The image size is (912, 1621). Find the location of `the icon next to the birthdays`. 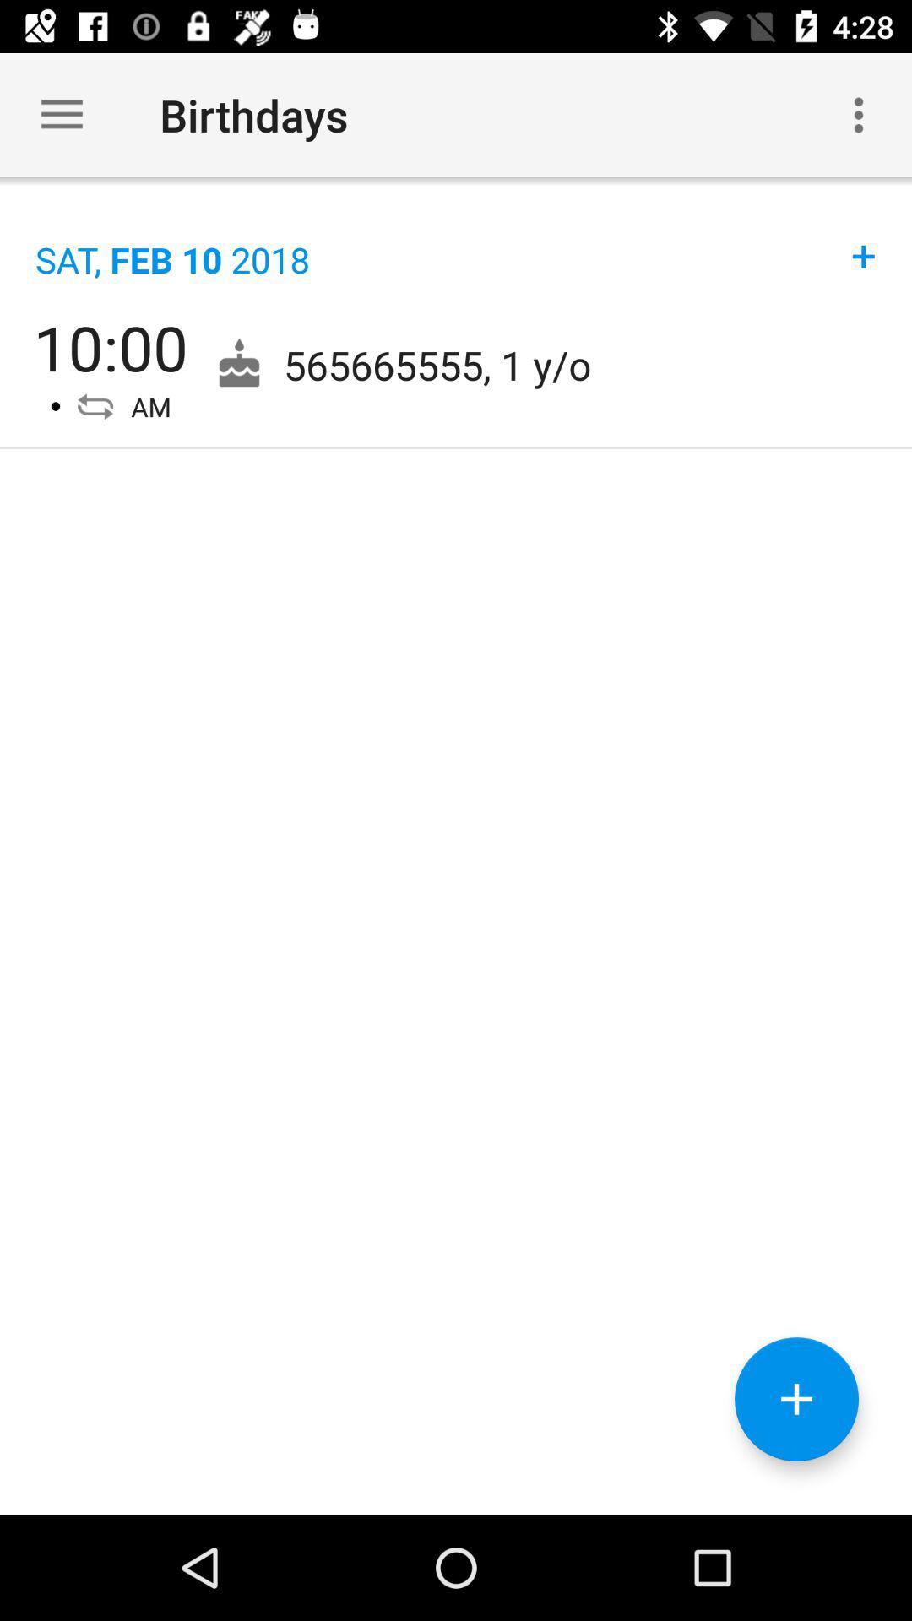

the icon next to the birthdays is located at coordinates (859, 114).